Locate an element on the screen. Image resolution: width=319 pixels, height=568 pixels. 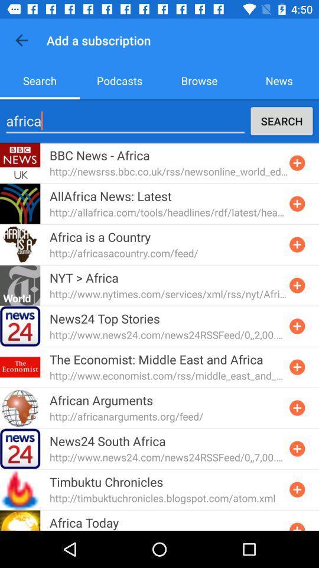
rss feed for news 24 is located at coordinates (297, 448).